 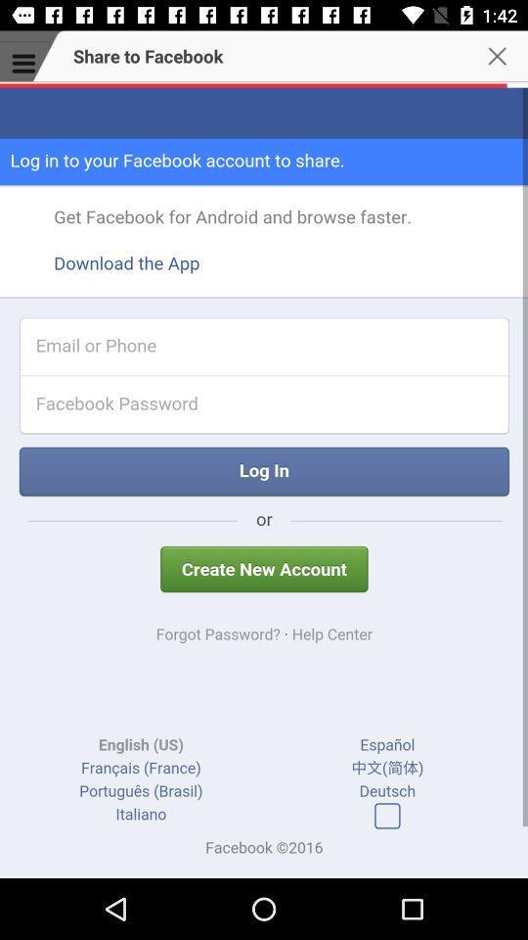 I want to click on the menu icon, so click(x=23, y=64).